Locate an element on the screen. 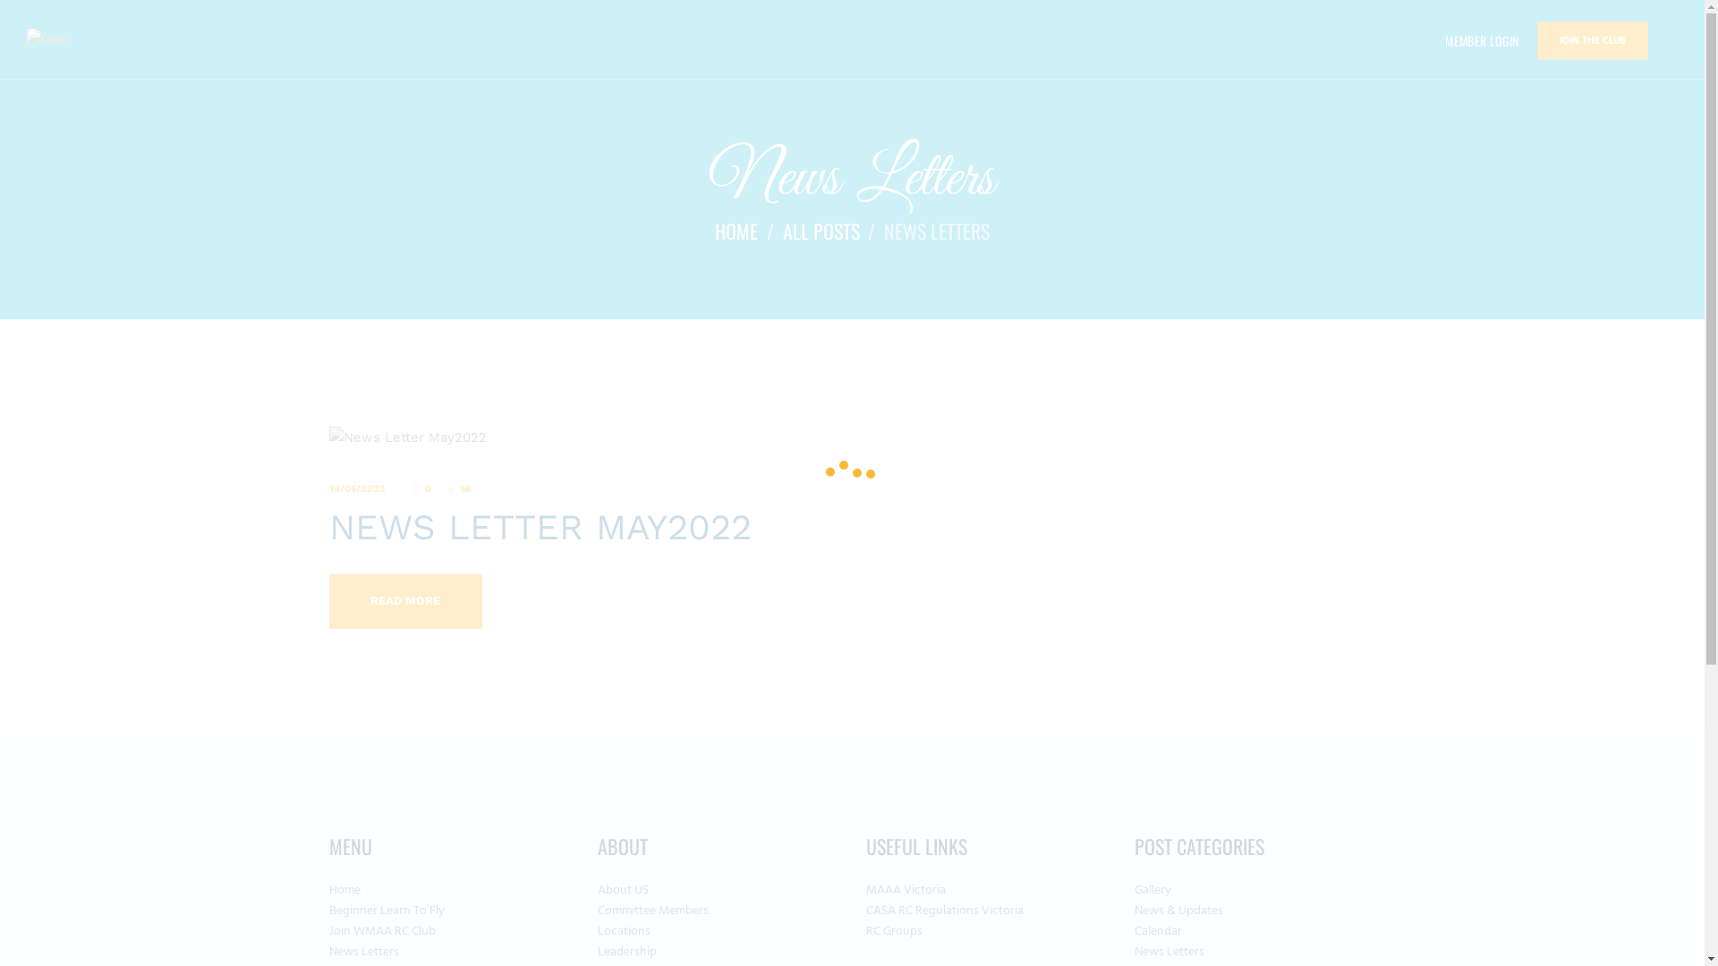 This screenshot has width=1718, height=966. 'Gallery' is located at coordinates (1152, 890).